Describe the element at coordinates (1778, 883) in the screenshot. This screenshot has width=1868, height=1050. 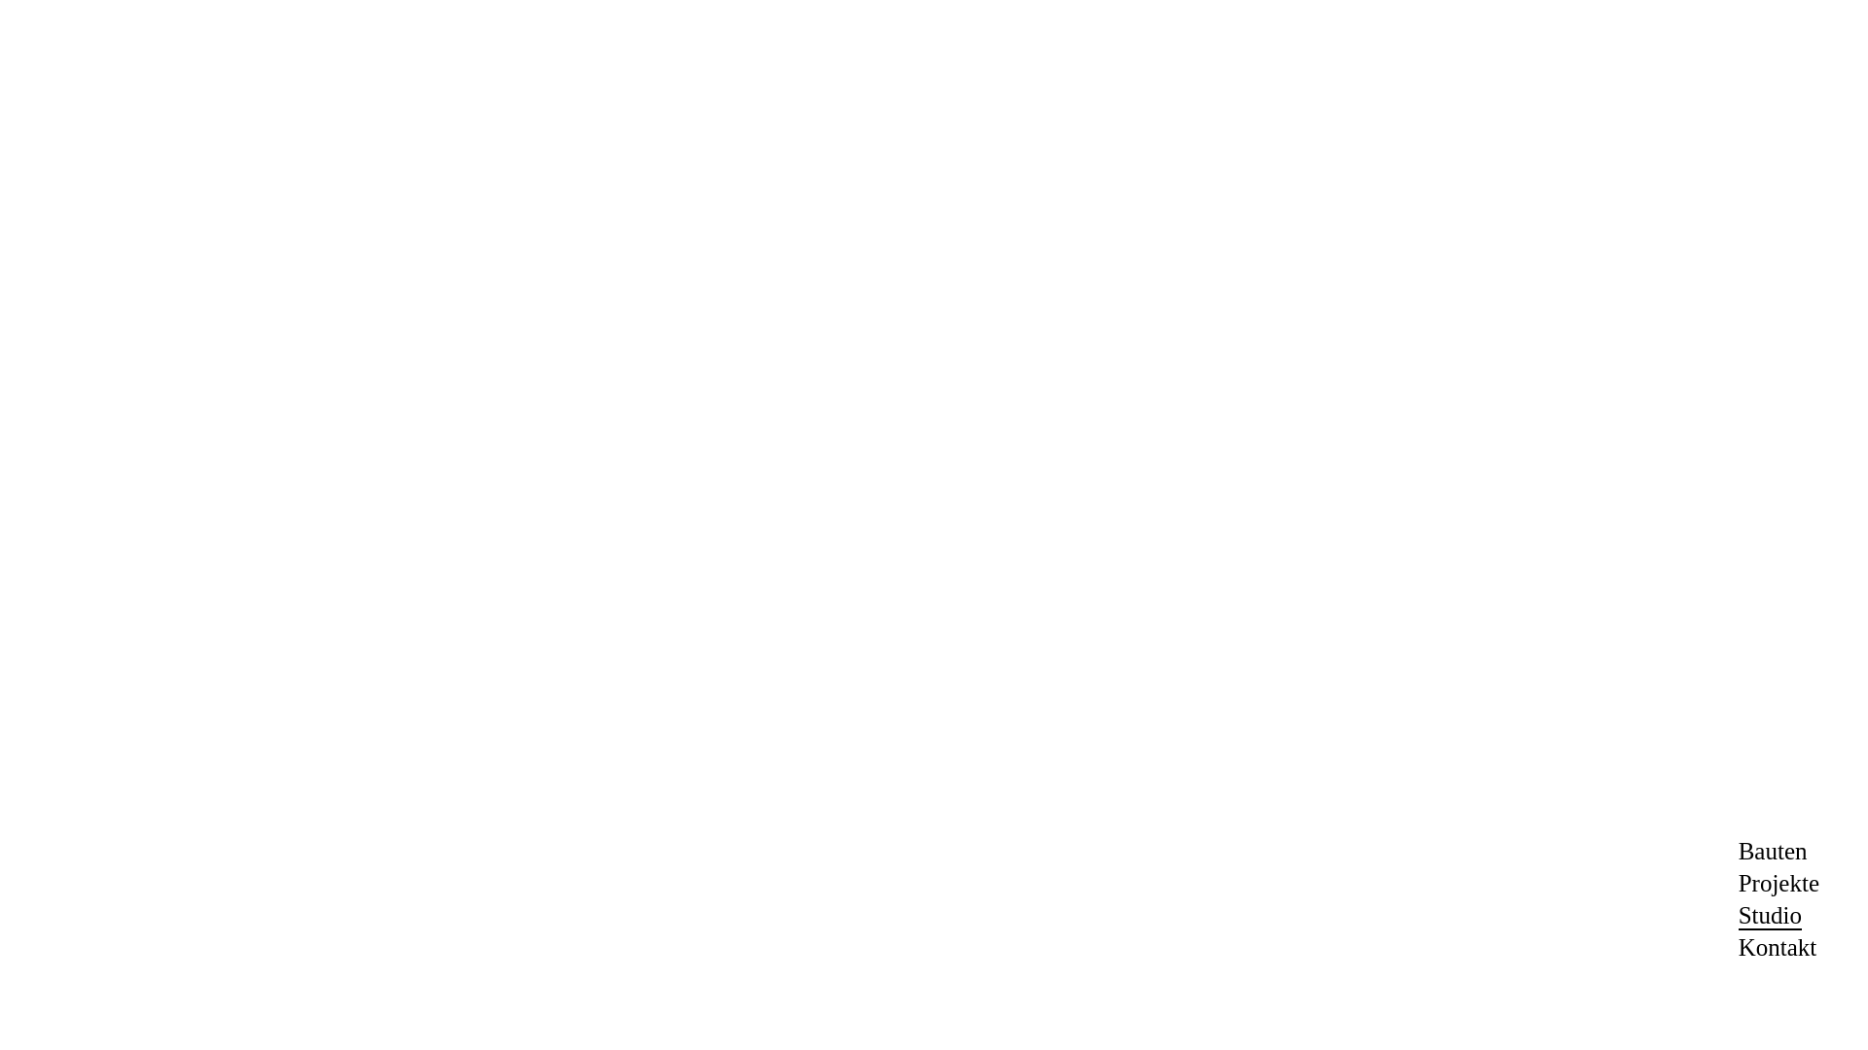
I see `'Projekte'` at that location.